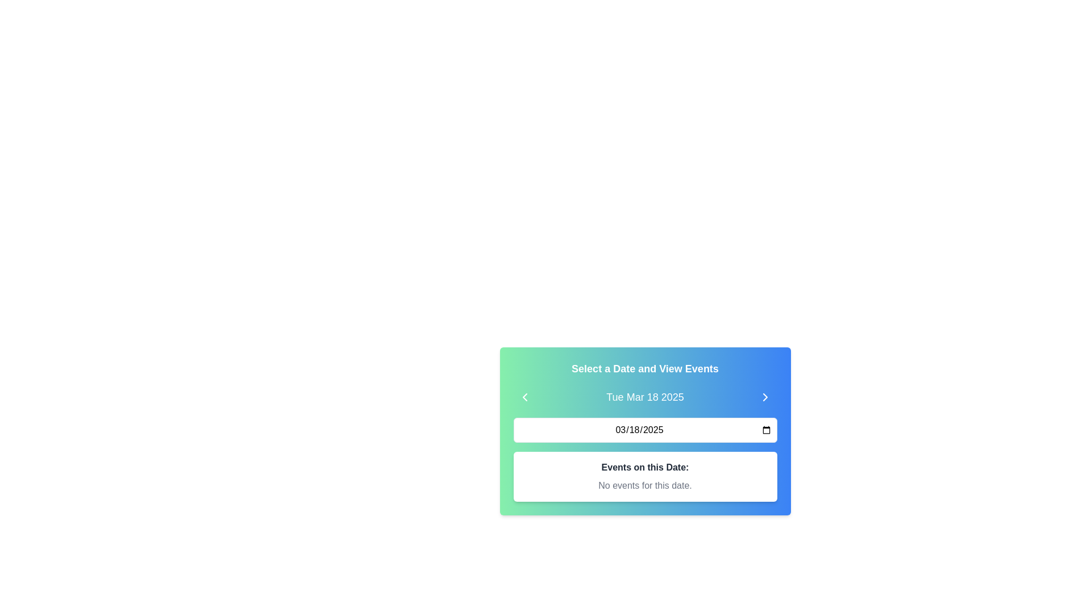 The width and height of the screenshot is (1091, 613). What do you see at coordinates (765, 396) in the screenshot?
I see `the 'next' button located to the right of the displayed date 'Tue Mar 18 2025'` at bounding box center [765, 396].